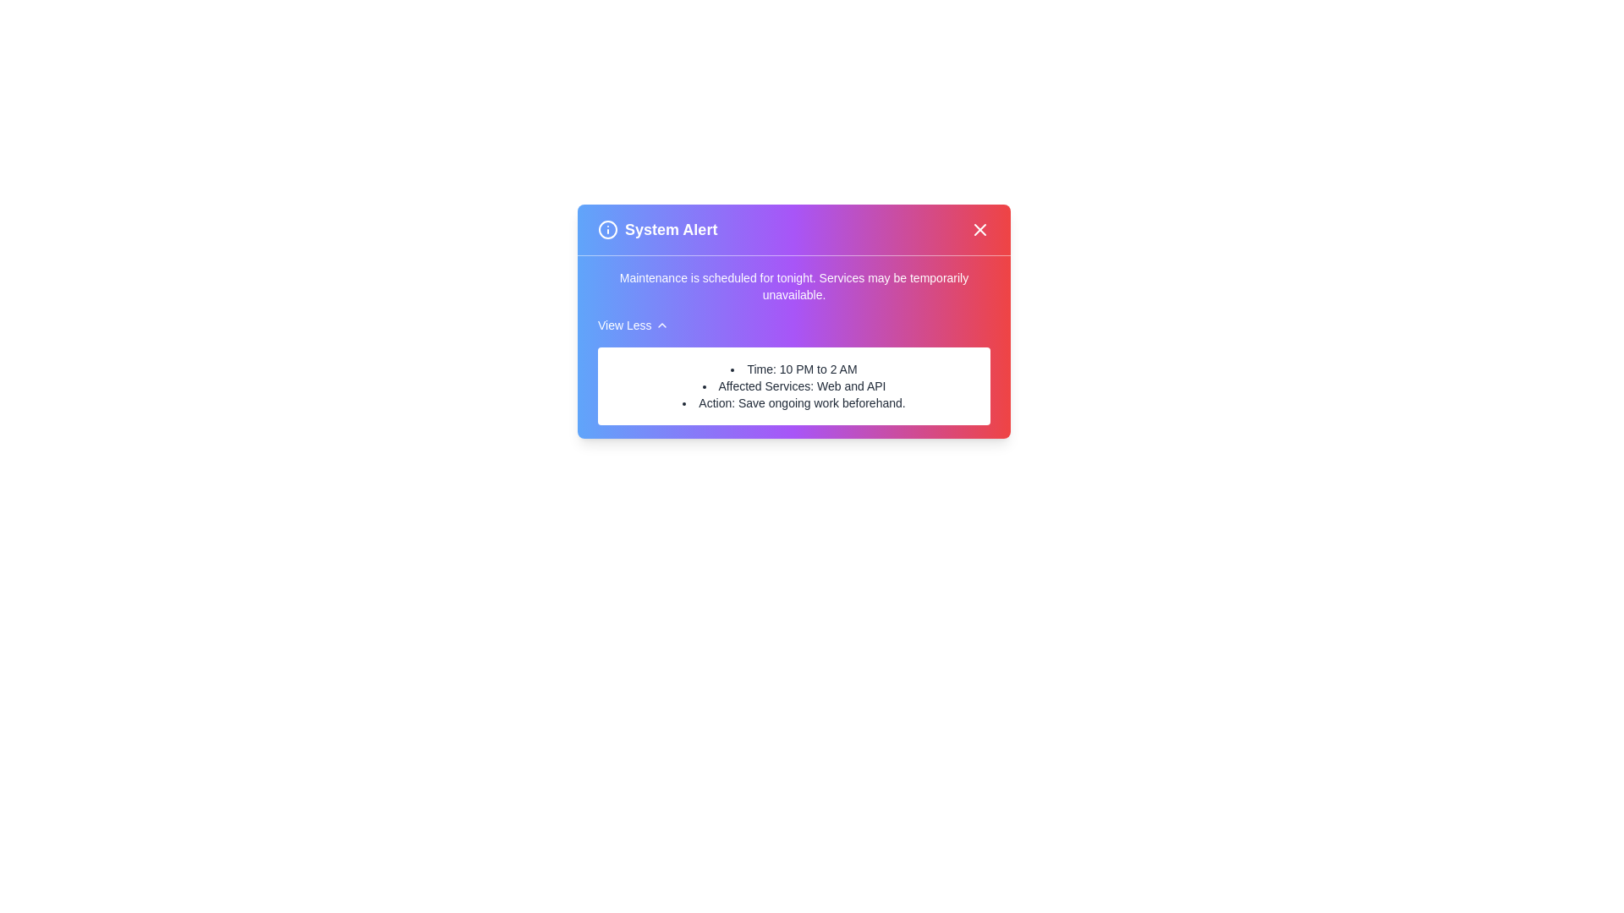 The width and height of the screenshot is (1624, 913). Describe the element at coordinates (632, 325) in the screenshot. I see `the 'View Less' button to toggle the visibility of additional details` at that location.